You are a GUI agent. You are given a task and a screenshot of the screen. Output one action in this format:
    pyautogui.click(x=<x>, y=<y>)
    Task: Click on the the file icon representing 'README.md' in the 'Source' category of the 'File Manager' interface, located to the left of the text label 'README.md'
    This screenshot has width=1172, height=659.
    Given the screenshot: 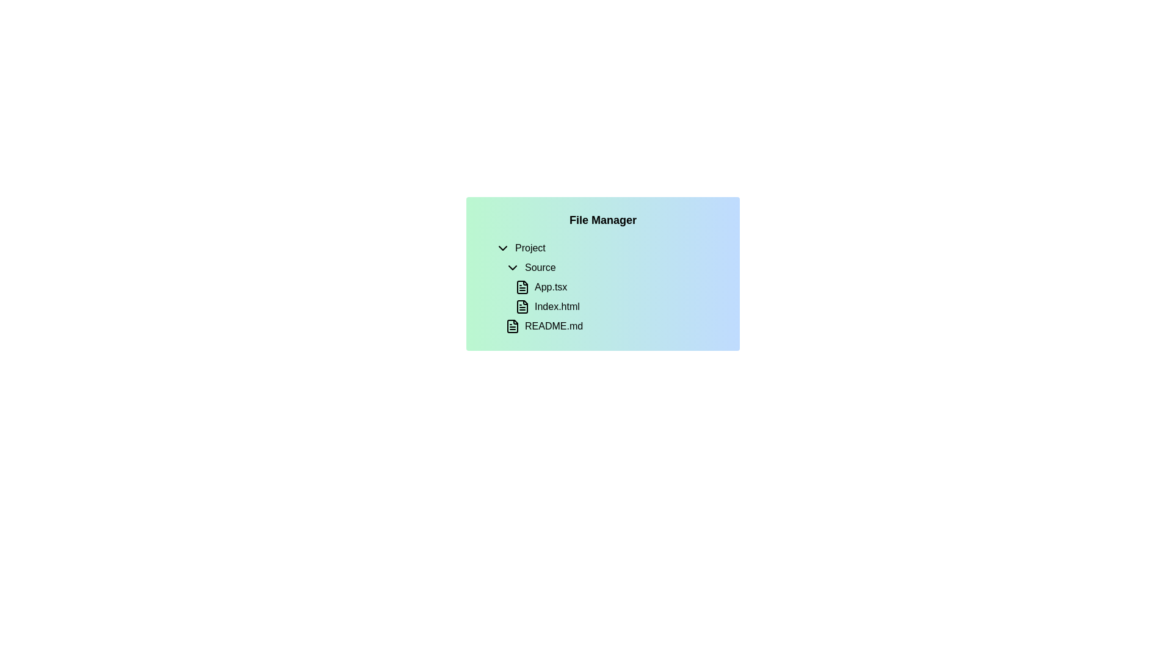 What is the action you would take?
    pyautogui.click(x=513, y=326)
    